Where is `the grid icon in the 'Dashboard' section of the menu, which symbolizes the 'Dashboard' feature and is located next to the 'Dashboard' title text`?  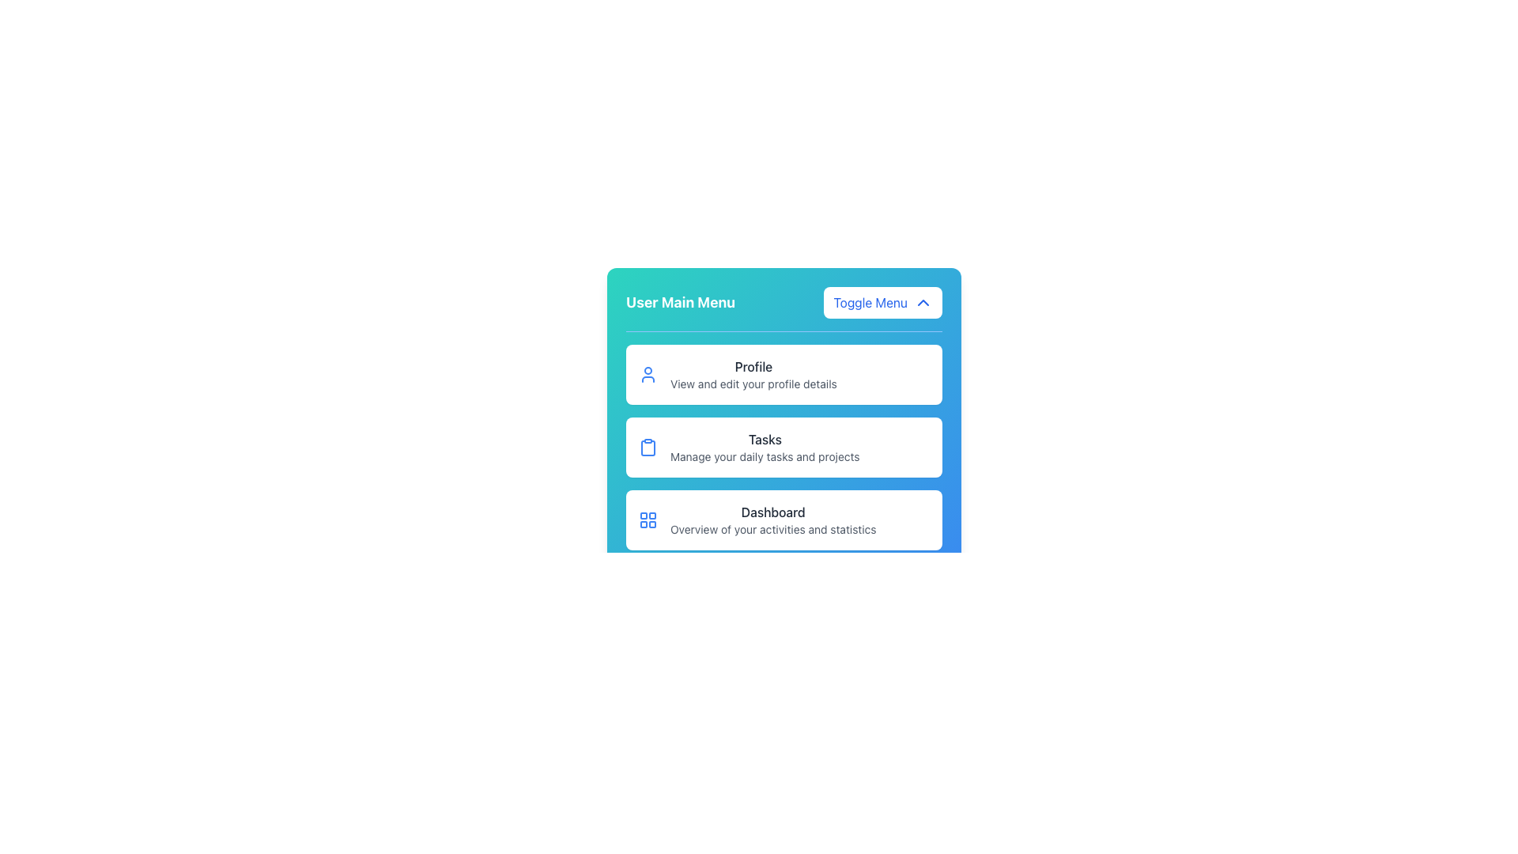
the grid icon in the 'Dashboard' section of the menu, which symbolizes the 'Dashboard' feature and is located next to the 'Dashboard' title text is located at coordinates (648, 520).